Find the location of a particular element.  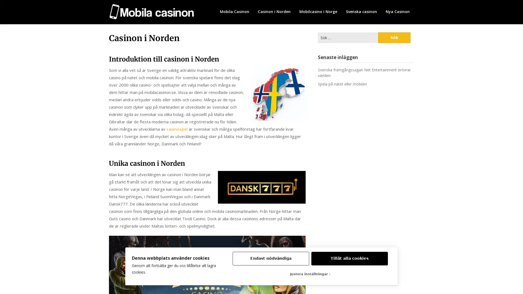

Justera installningar is located at coordinates (310, 274).